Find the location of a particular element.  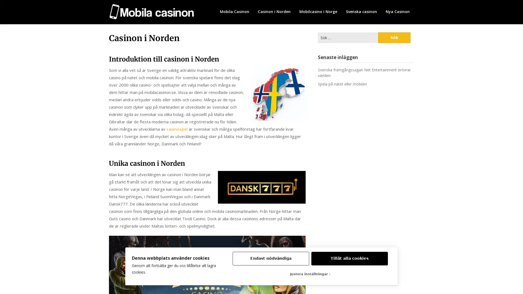

Justera installningar is located at coordinates (310, 274).